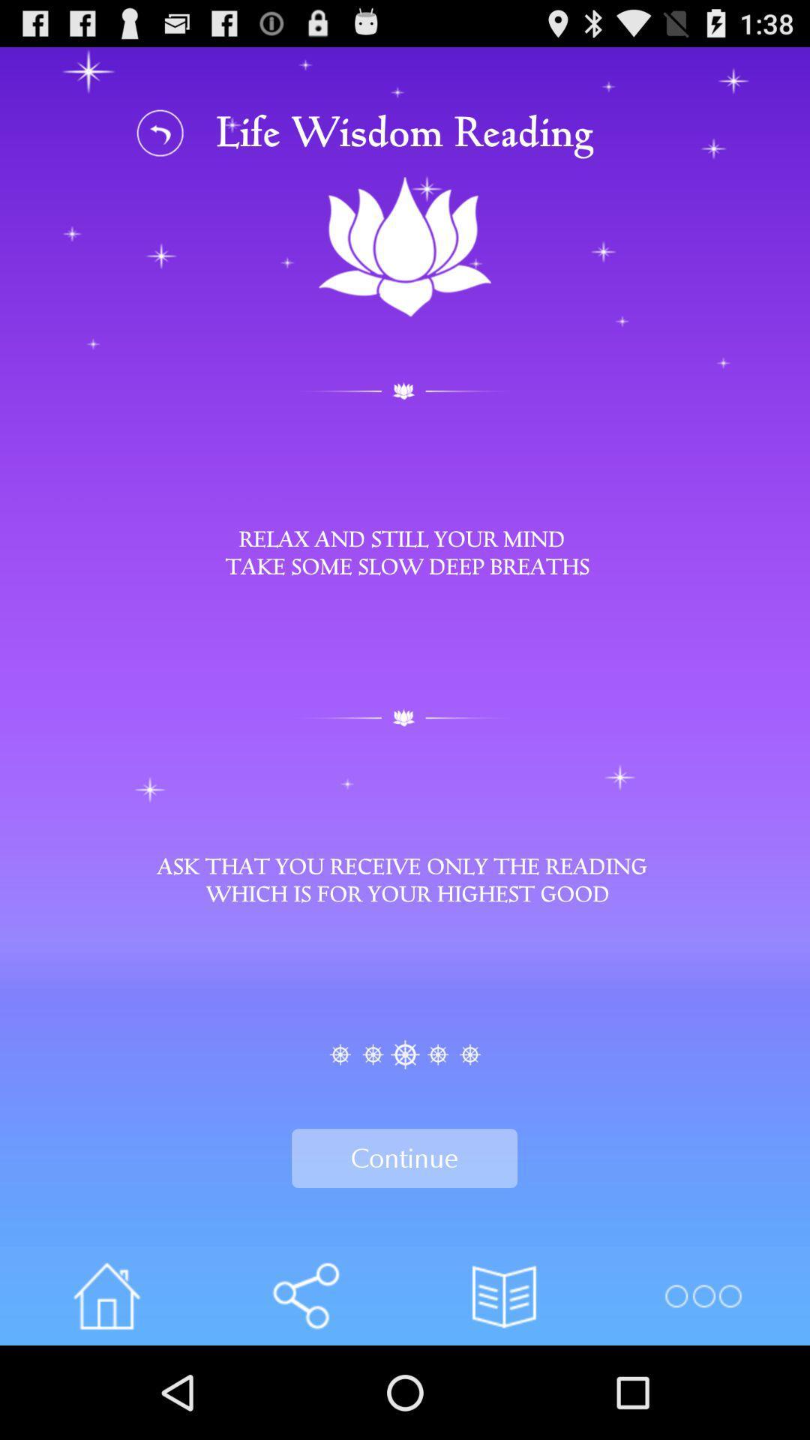 The height and width of the screenshot is (1440, 810). I want to click on image below the text life wisdom reading, so click(405, 247).